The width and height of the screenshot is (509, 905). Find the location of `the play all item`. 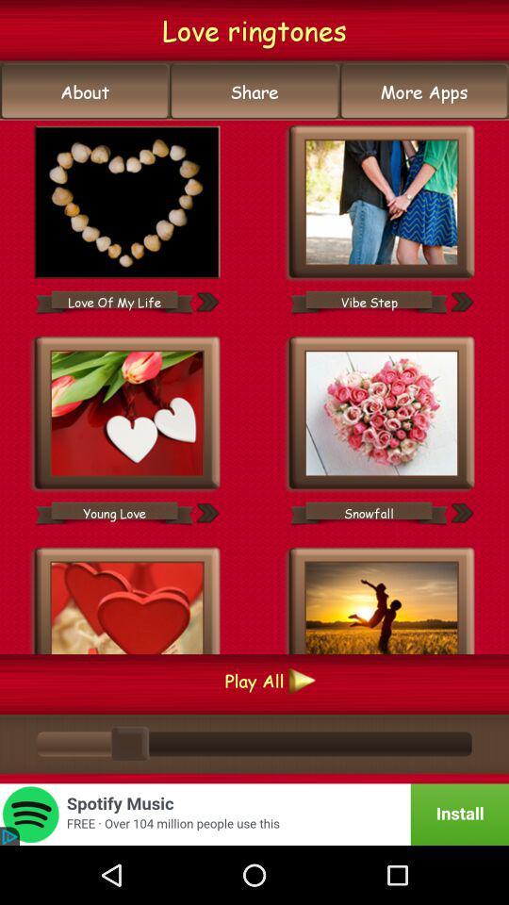

the play all item is located at coordinates (254, 680).